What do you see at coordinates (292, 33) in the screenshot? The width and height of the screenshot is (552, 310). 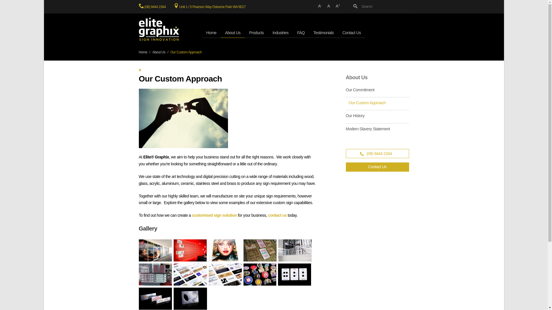 I see `'FAQ'` at bounding box center [292, 33].